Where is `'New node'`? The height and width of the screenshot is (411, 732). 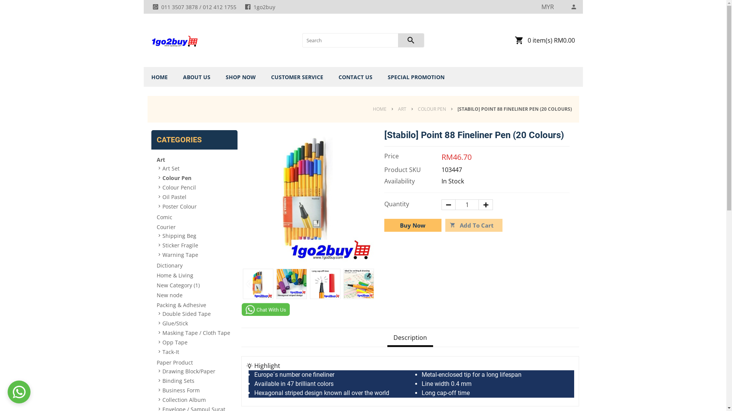 'New node' is located at coordinates (194, 294).